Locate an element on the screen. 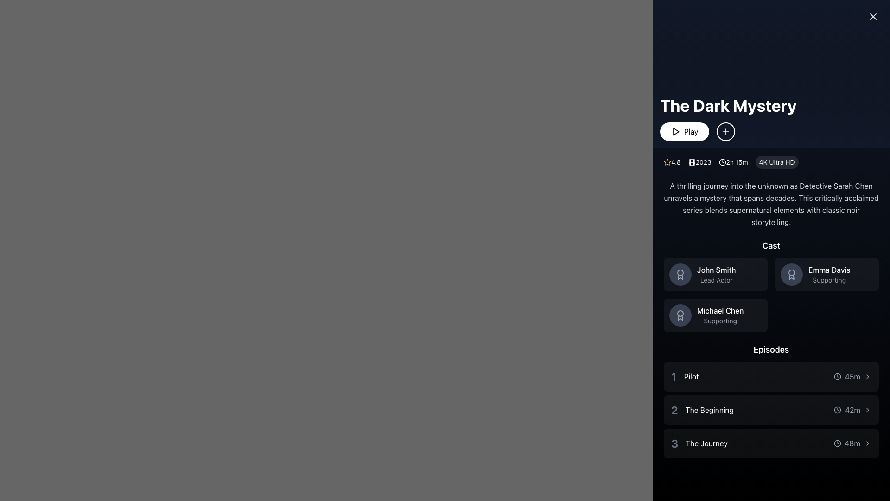  the non-interactive decorative SVG circle element, which is the outer circular frame of the clock icon next to the episode duration in the second episode card titled 'The Beginning' is located at coordinates (838, 409).